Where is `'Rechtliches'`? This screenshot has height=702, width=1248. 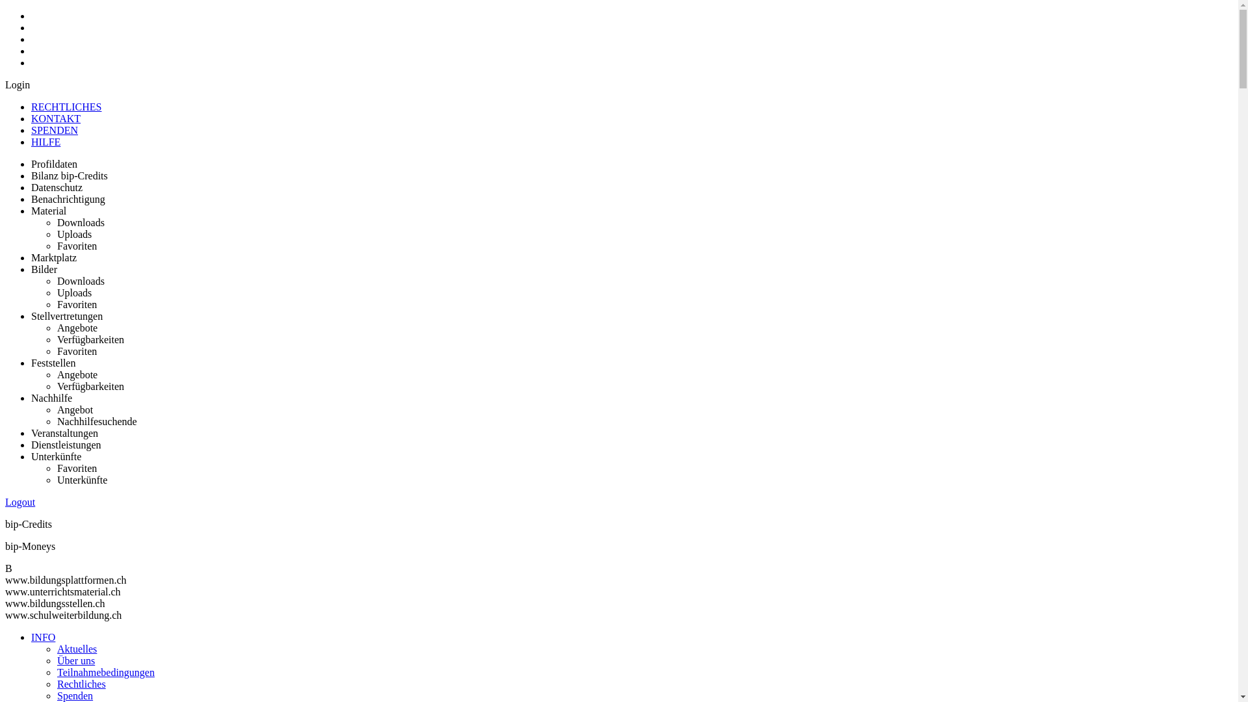 'Rechtliches' is located at coordinates (81, 683).